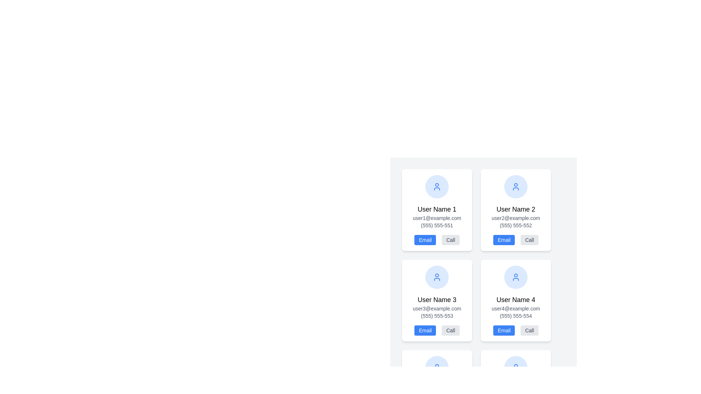  What do you see at coordinates (515, 301) in the screenshot?
I see `the user information card located in the second row and second column of the grid` at bounding box center [515, 301].